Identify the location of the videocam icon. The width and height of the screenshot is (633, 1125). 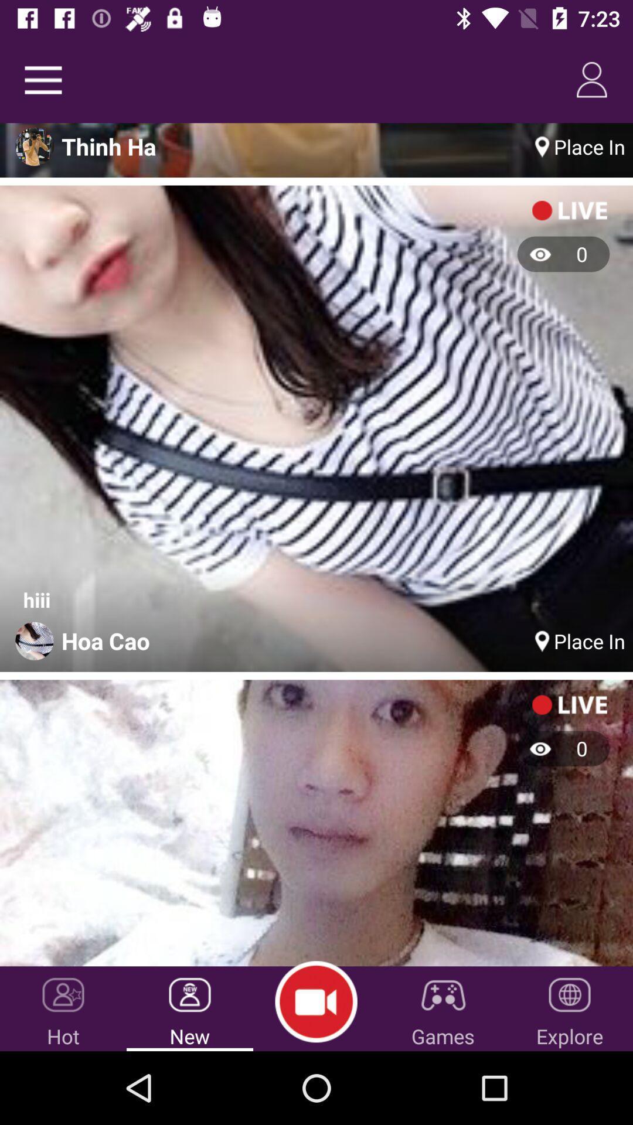
(315, 1001).